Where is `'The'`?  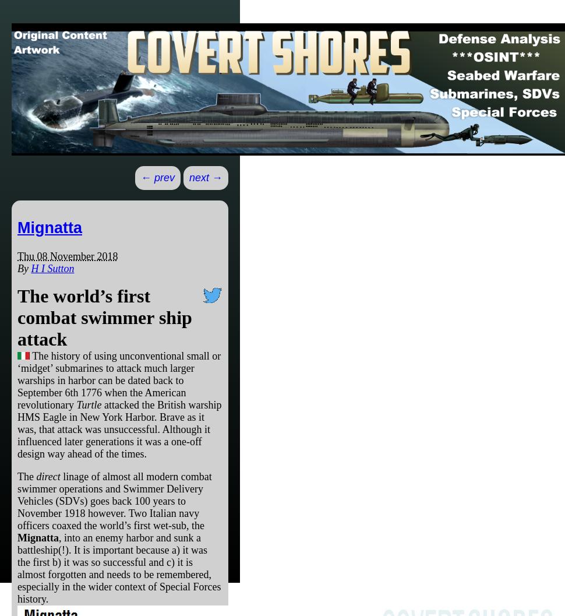 'The' is located at coordinates (26, 476).